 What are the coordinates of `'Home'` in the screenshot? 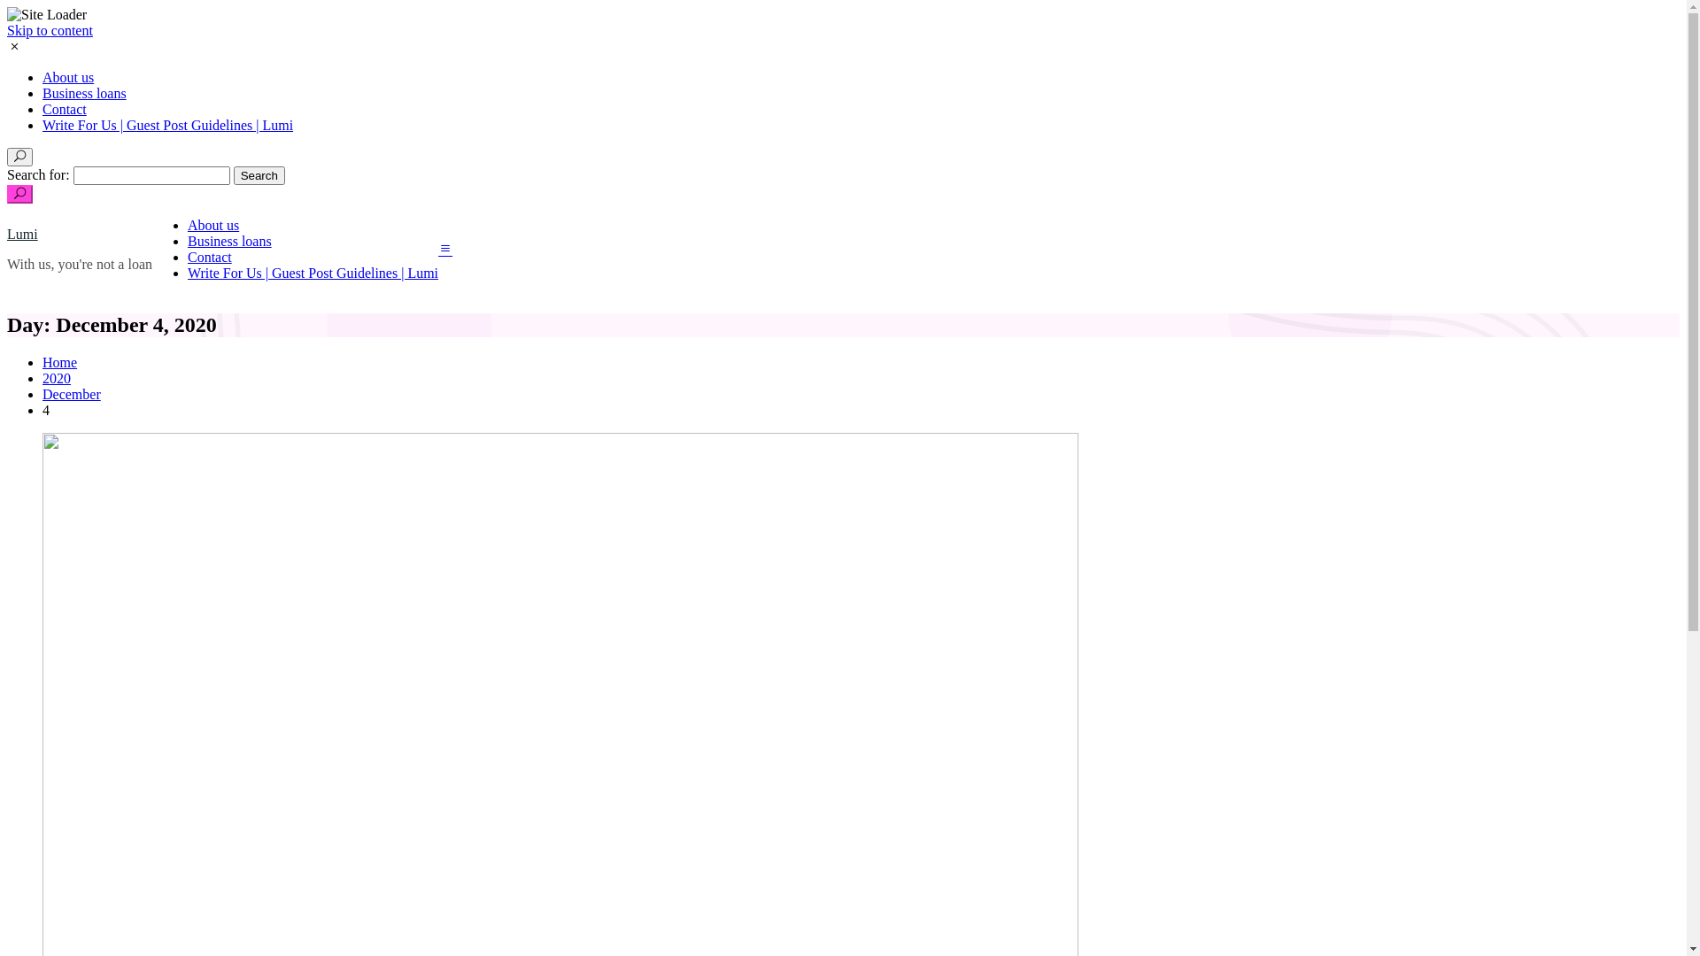 It's located at (59, 361).